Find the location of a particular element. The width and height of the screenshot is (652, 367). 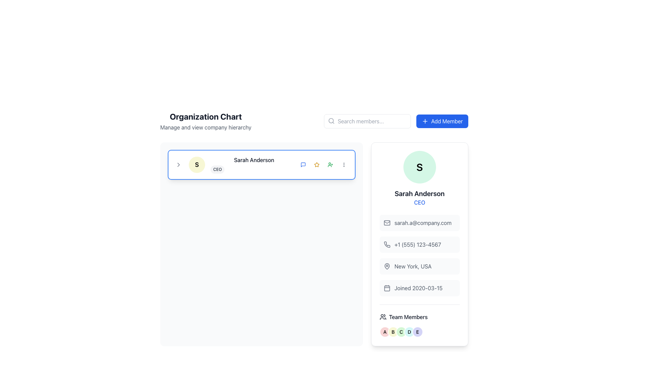

the action icon located in the right section of the component associated with 'Sarah Anderson' is located at coordinates (179, 165).